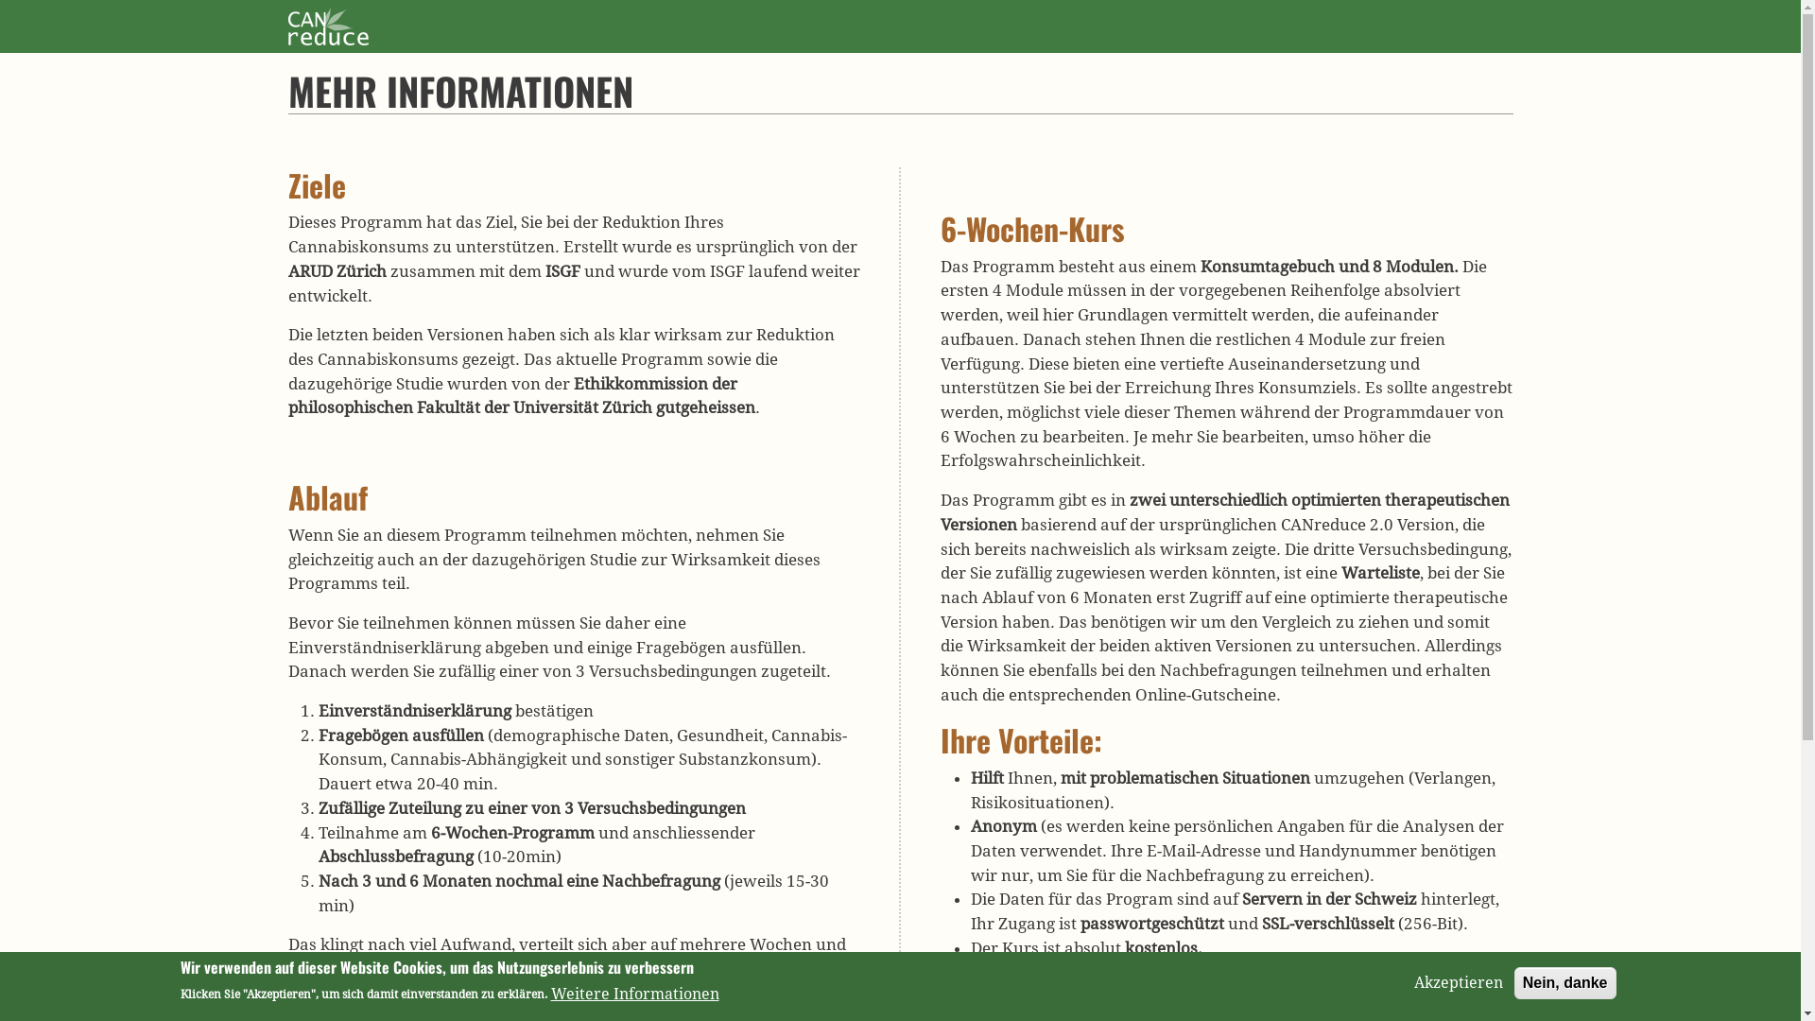 The image size is (1815, 1021). I want to click on 'Startseite', so click(327, 22).